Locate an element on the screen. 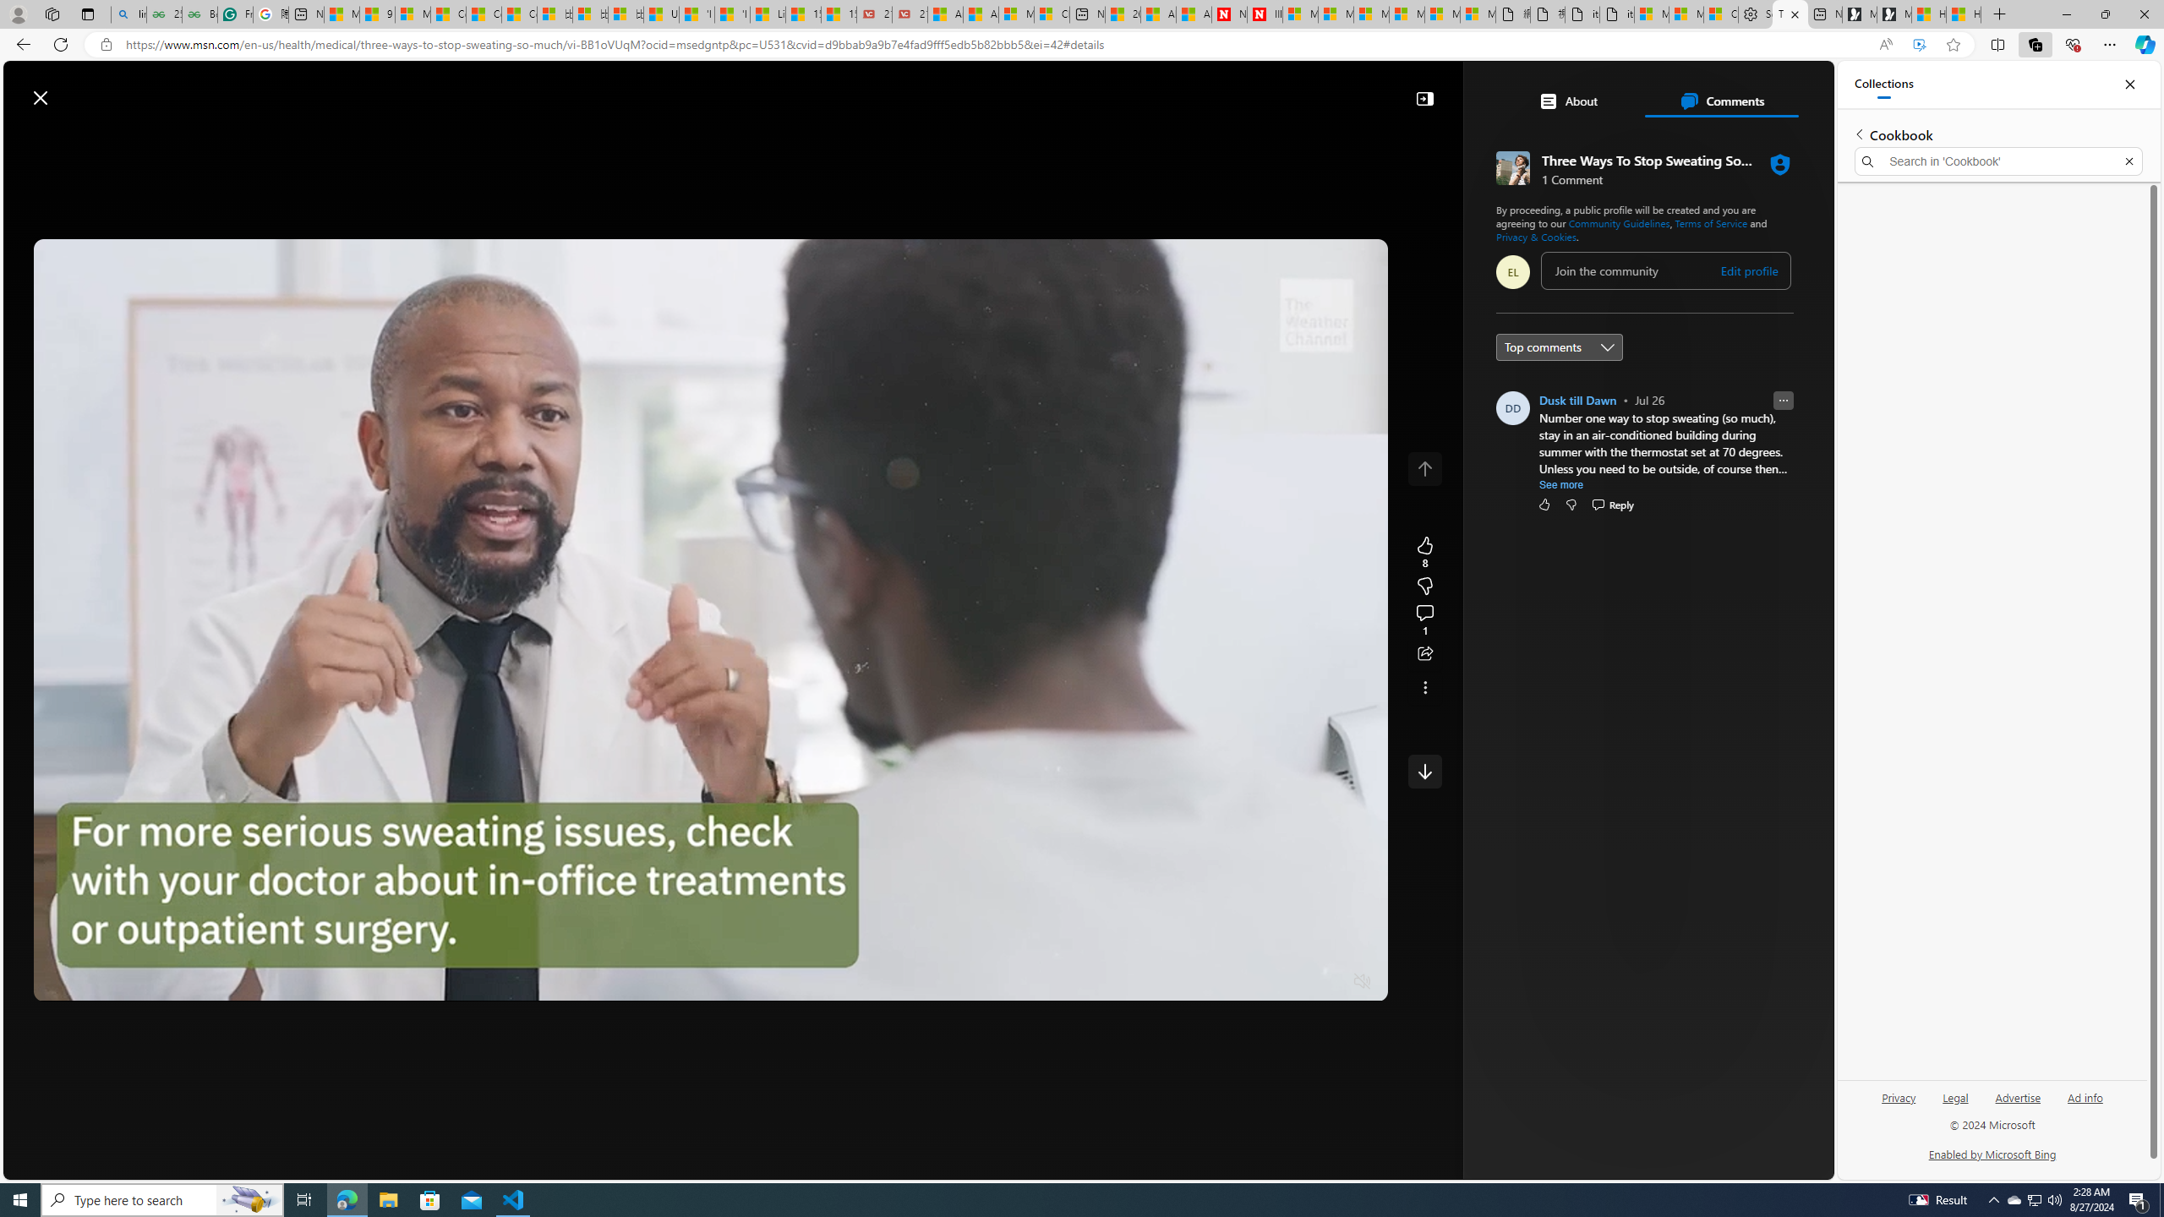 The width and height of the screenshot is (2164, 1217). 'Comments' is located at coordinates (1720, 100).